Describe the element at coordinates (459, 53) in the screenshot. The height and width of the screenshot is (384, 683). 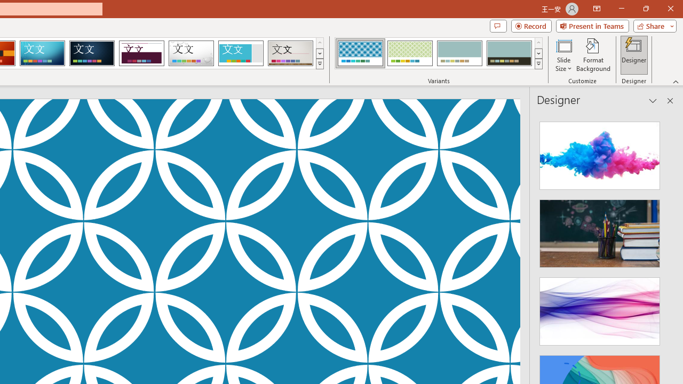
I see `'Integral Variant 3'` at that location.